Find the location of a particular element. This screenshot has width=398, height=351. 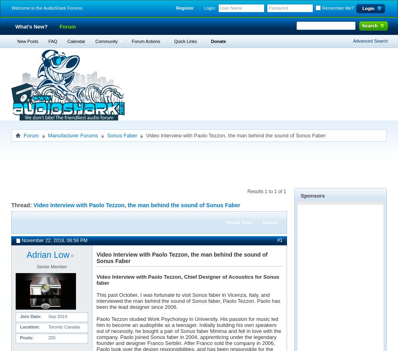

'November 22, 2018,' is located at coordinates (43, 240).